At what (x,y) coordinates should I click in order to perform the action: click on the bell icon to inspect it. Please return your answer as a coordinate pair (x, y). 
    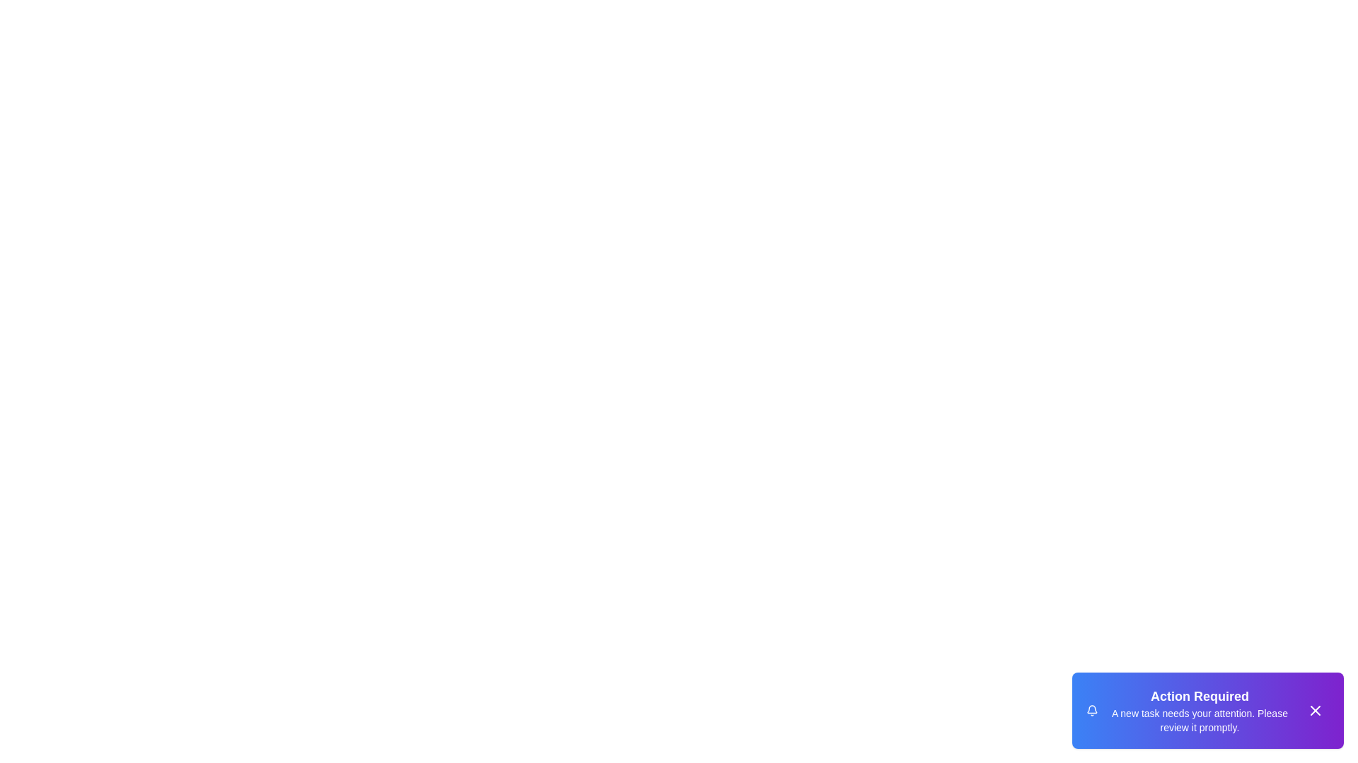
    Looking at the image, I should click on (1091, 711).